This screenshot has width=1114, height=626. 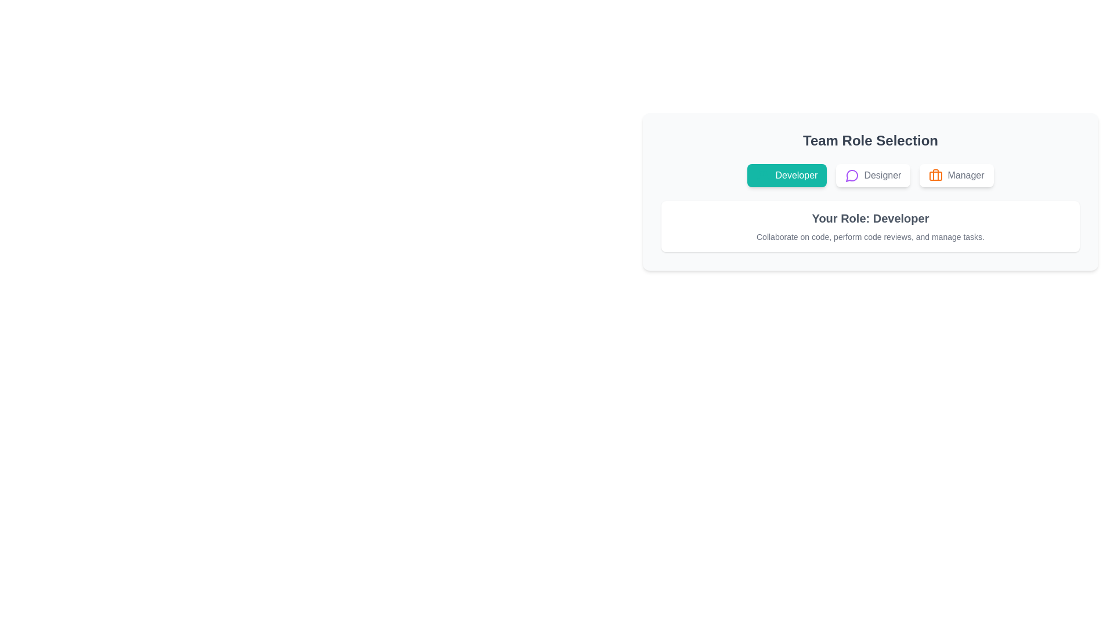 I want to click on the small, outlined orange briefcase icon located within the 'Manager' button at the top-right of the card component, so click(x=936, y=176).